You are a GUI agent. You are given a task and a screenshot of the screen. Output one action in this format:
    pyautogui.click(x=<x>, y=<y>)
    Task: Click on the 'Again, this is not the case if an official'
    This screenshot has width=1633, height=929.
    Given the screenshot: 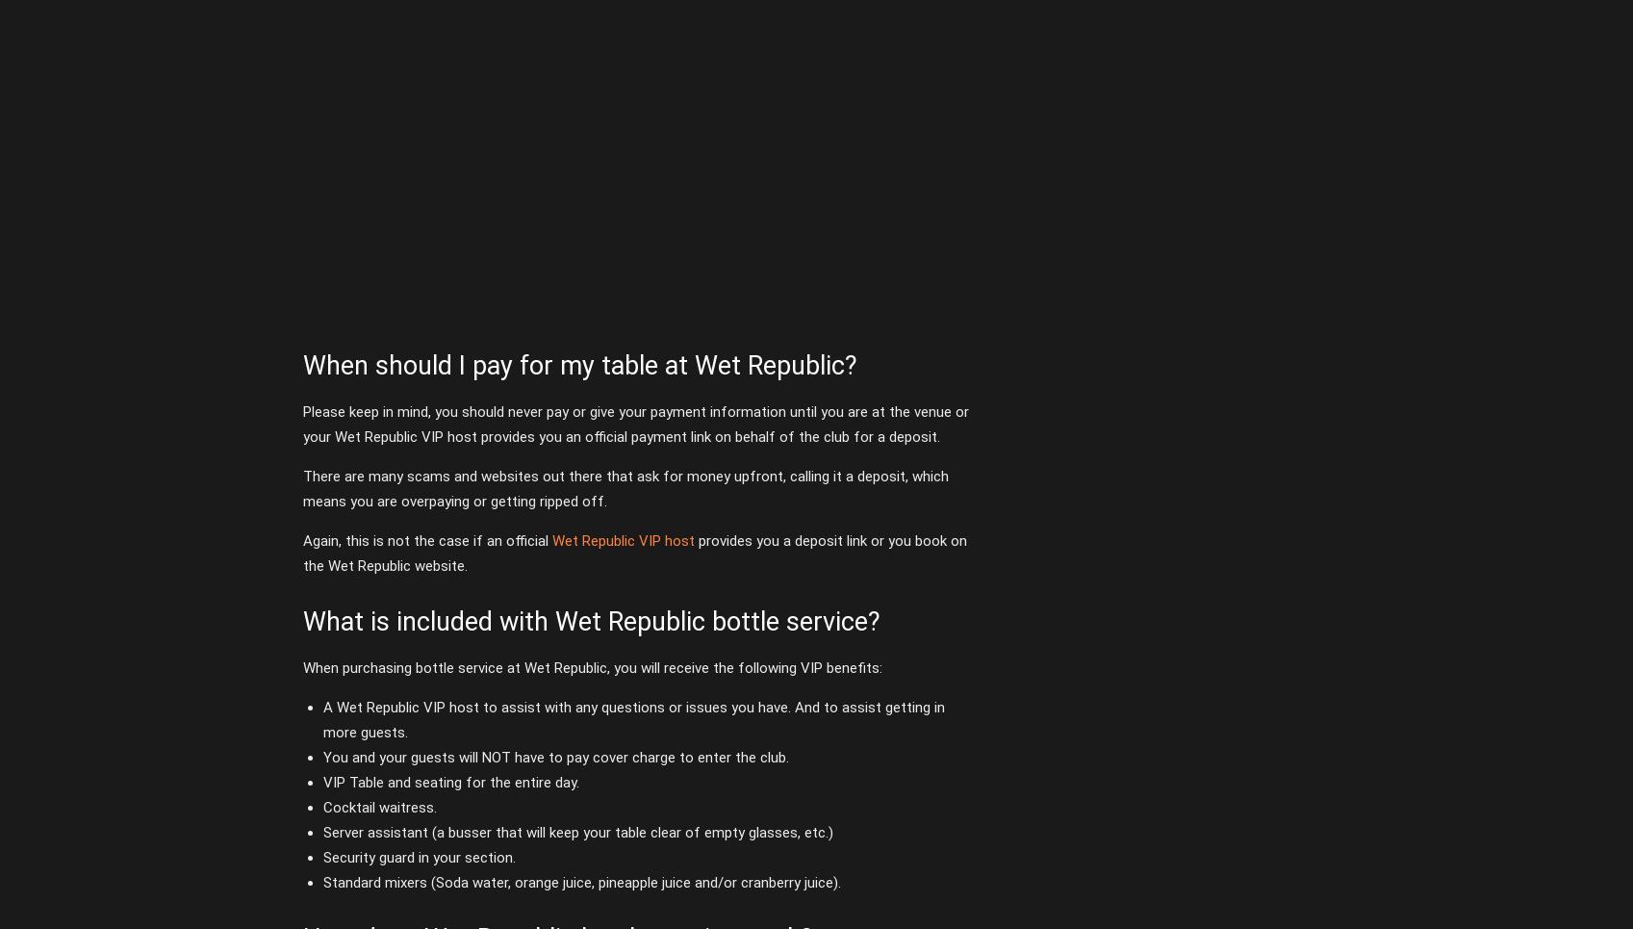 What is the action you would take?
    pyautogui.click(x=425, y=539)
    